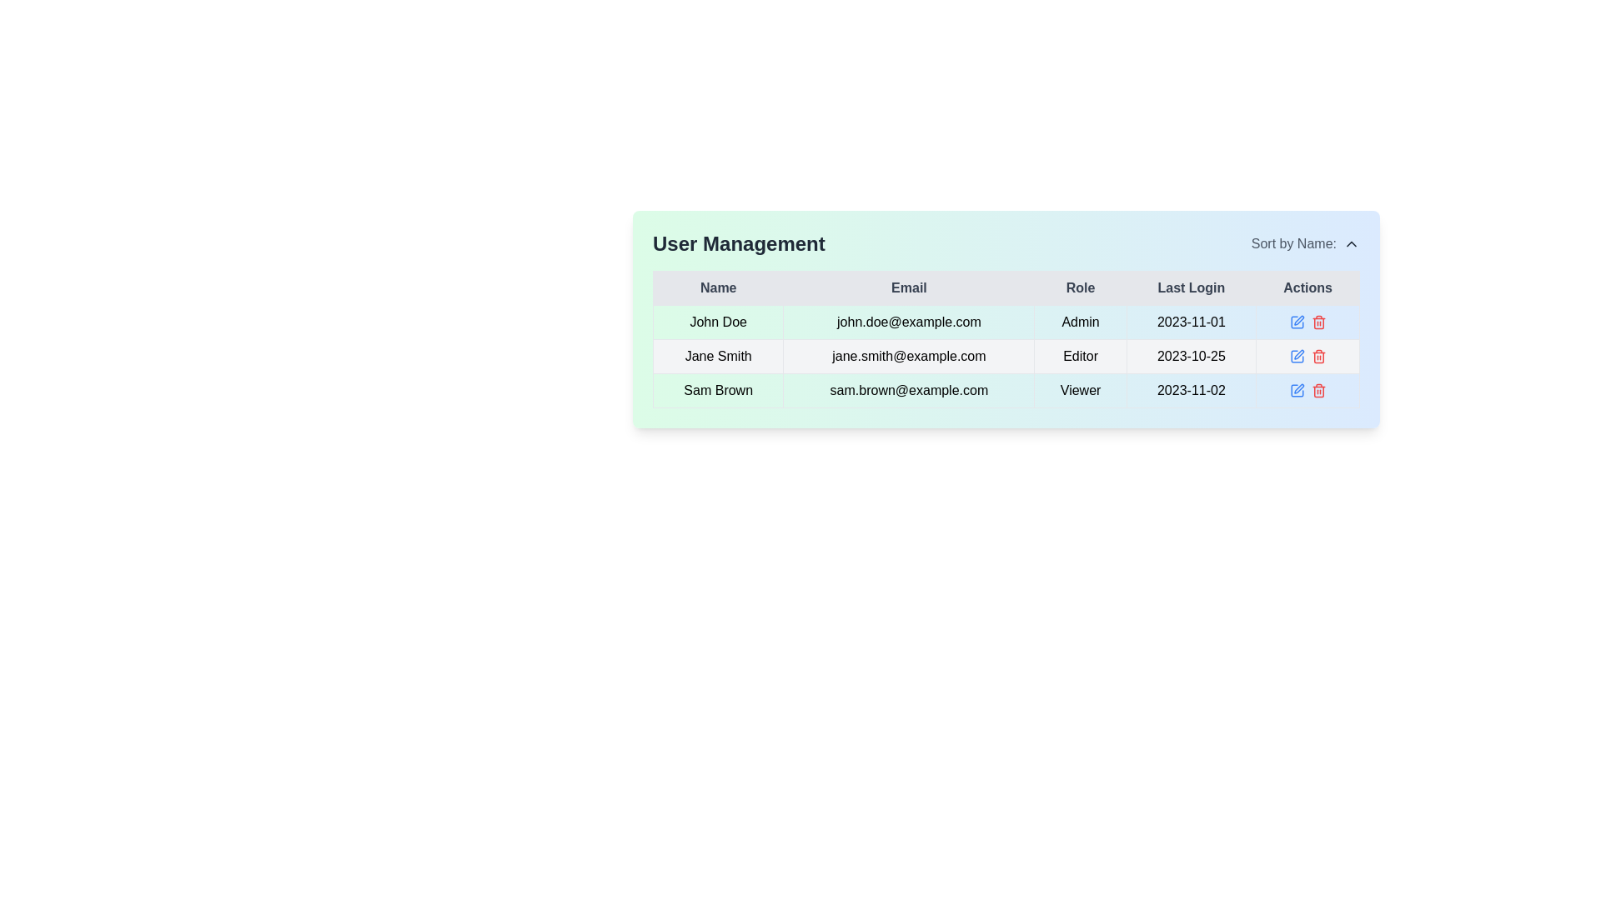  Describe the element at coordinates (1296, 391) in the screenshot. I see `the edit icon button (pen) in the Actions column of the last row in the User Management table` at that location.